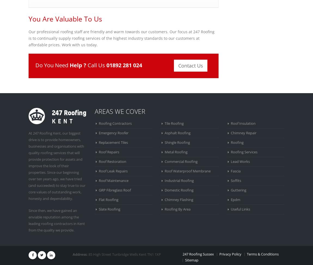 Image resolution: width=313 pixels, height=265 pixels. Describe the element at coordinates (52, 65) in the screenshot. I see `'Do You Need'` at that location.